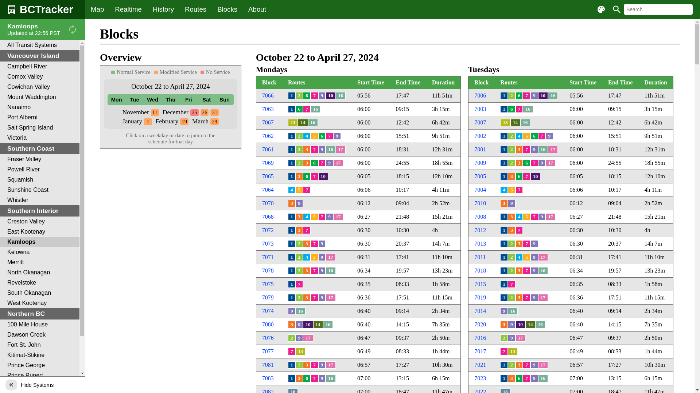 This screenshot has height=393, width=700. I want to click on '7', so click(542, 136).